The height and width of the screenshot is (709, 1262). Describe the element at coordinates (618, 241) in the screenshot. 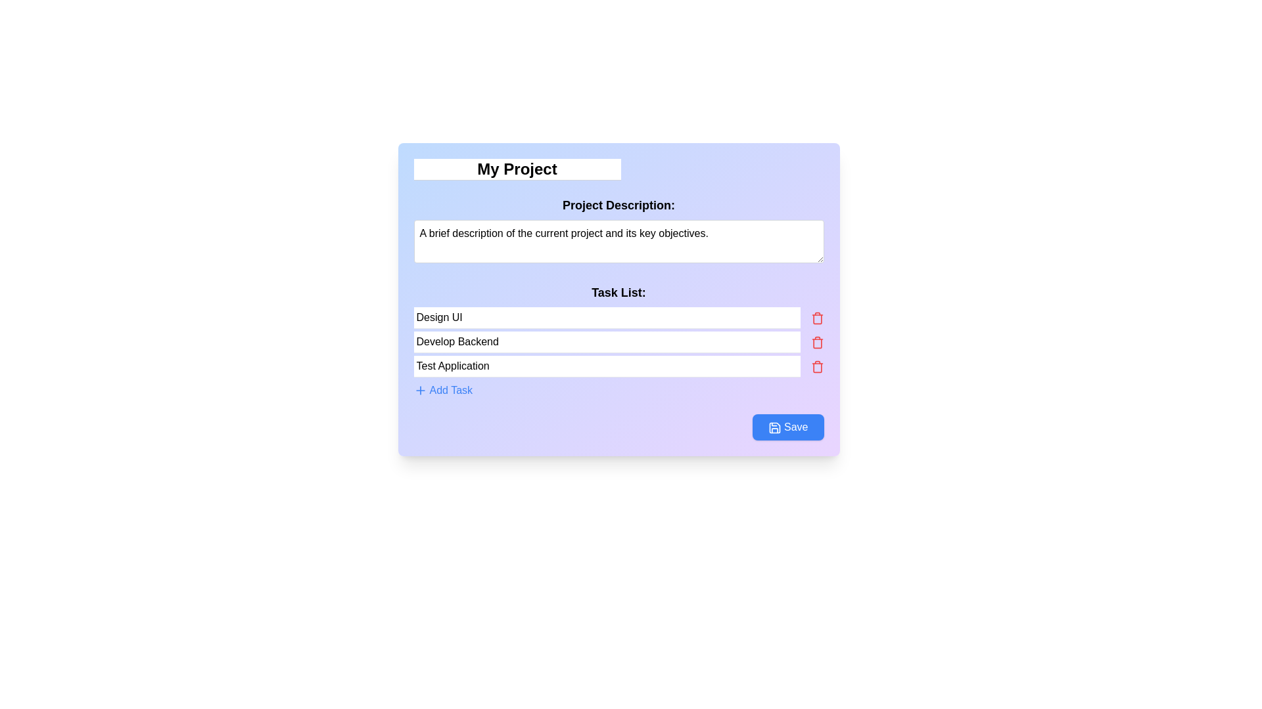

I see `the text input field located directly under the 'Project Description:' label to focus on it` at that location.